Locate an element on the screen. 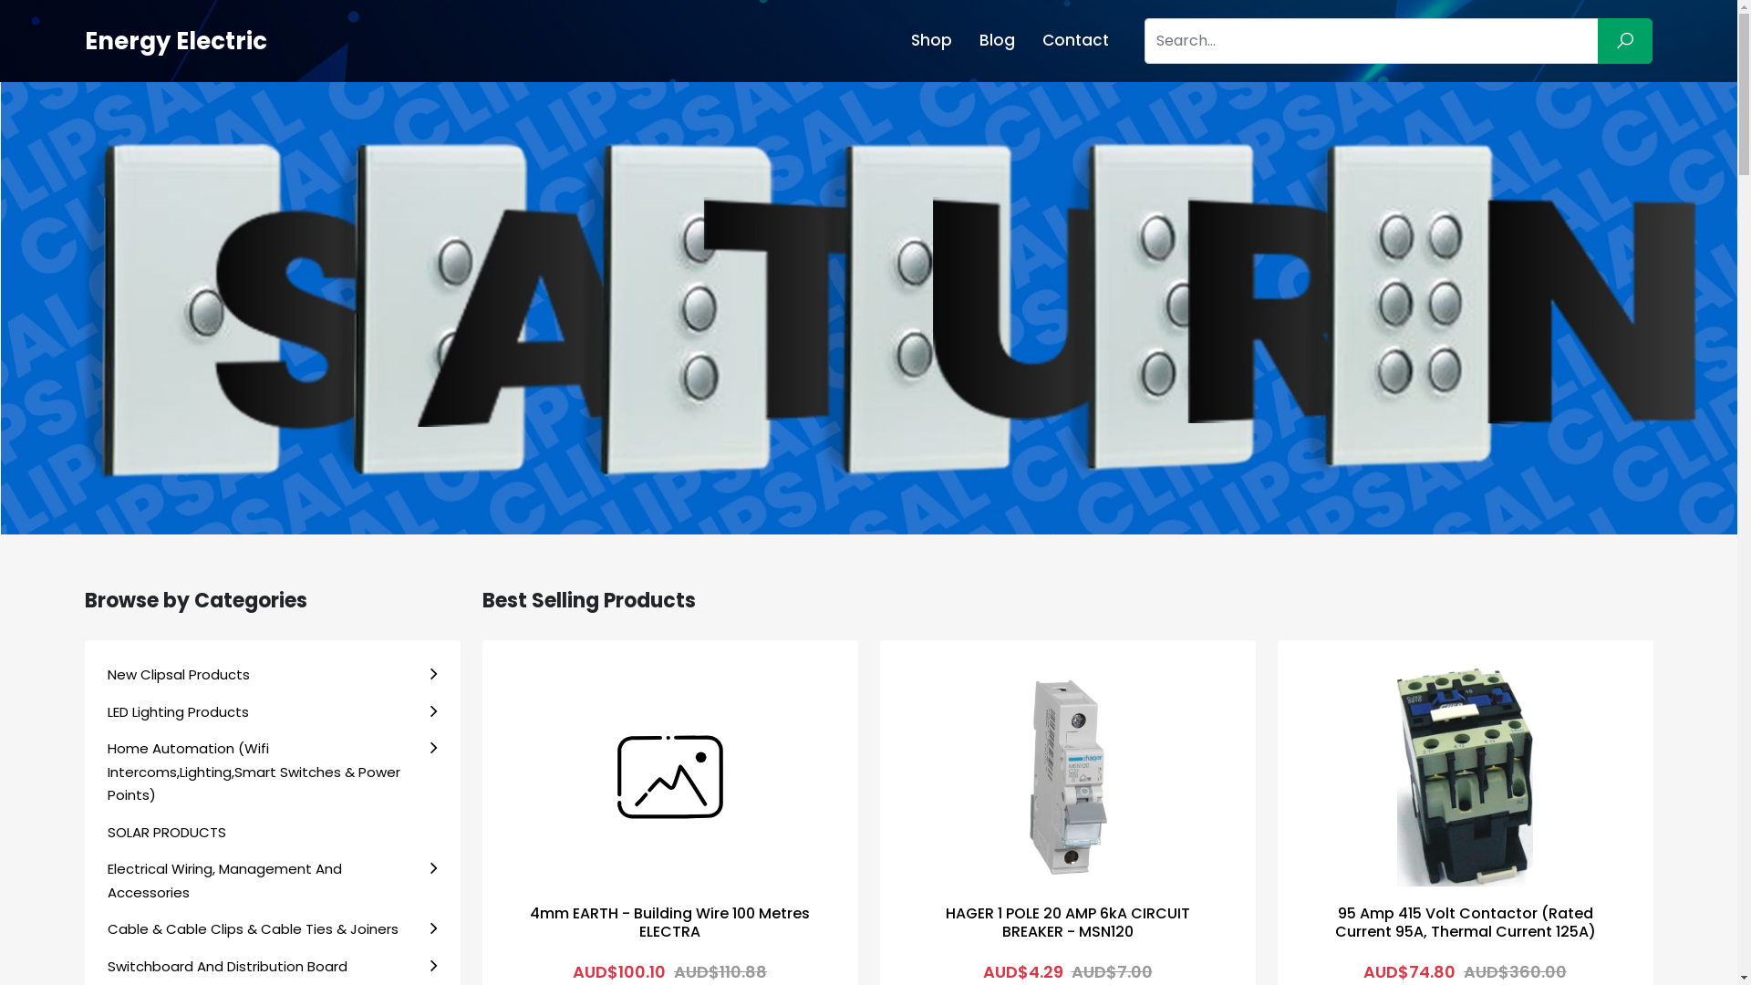 The width and height of the screenshot is (1751, 985). 'Contact' is located at coordinates (1075, 40).